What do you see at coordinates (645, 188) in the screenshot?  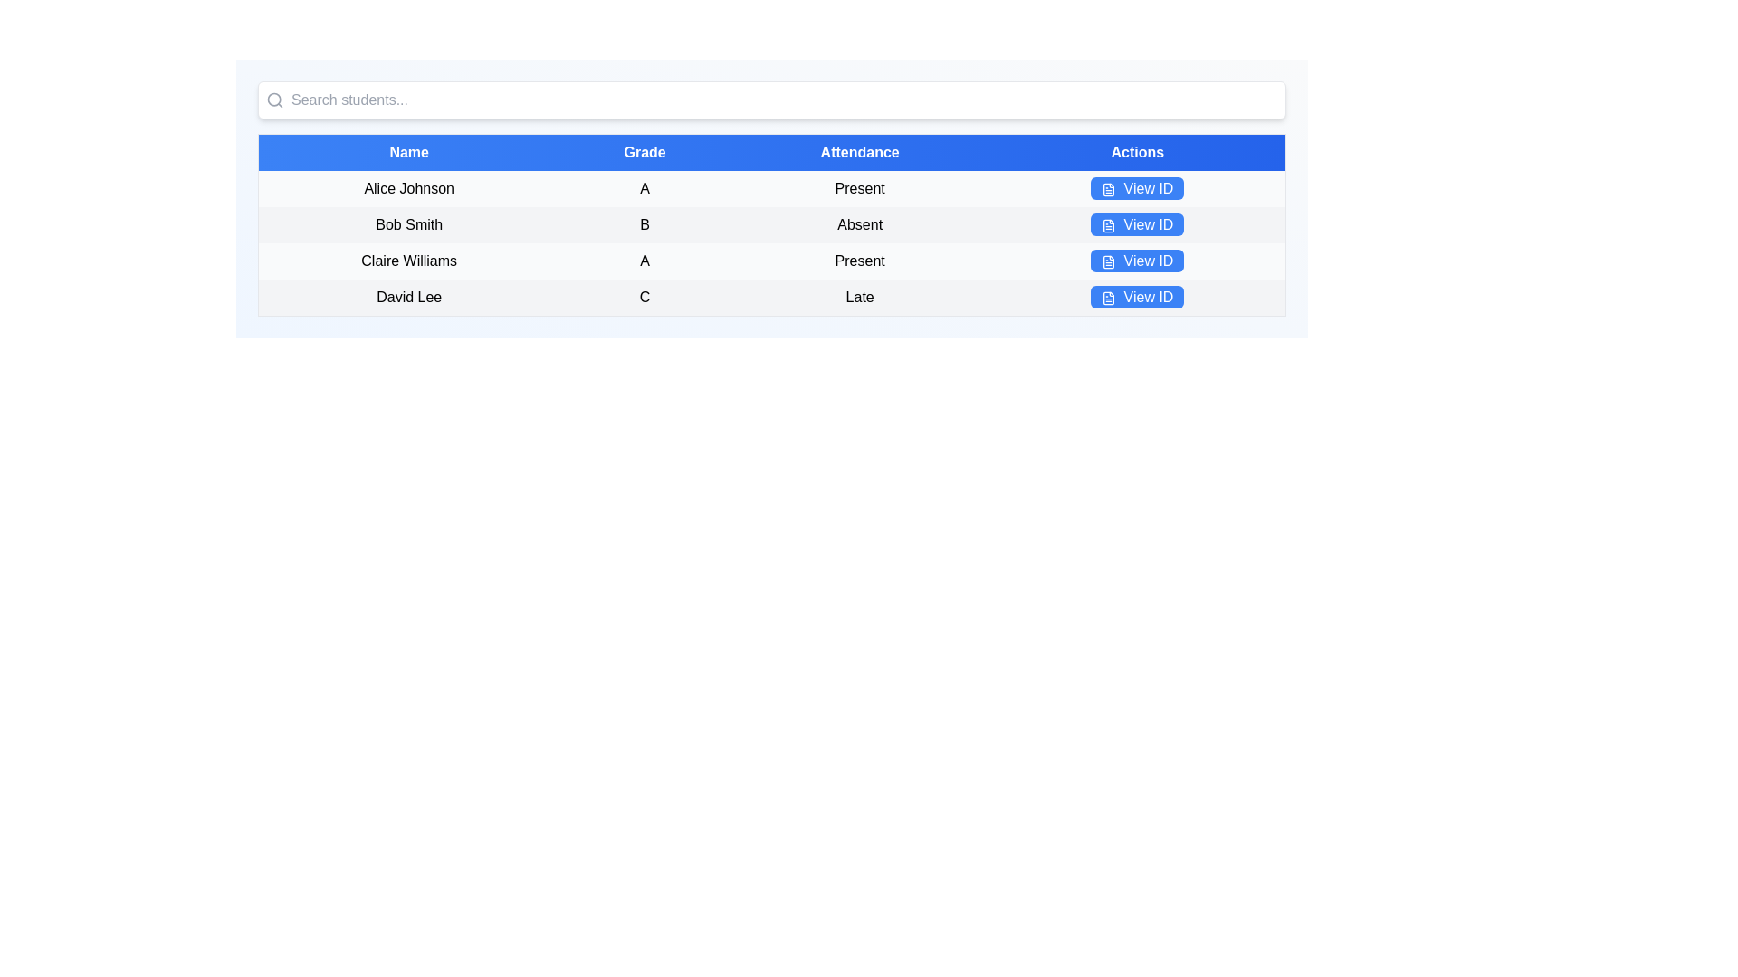 I see `the static text element displaying the uppercase letter 'A' located under the 'Grade' column in the row for 'Alice Johnson'` at bounding box center [645, 188].